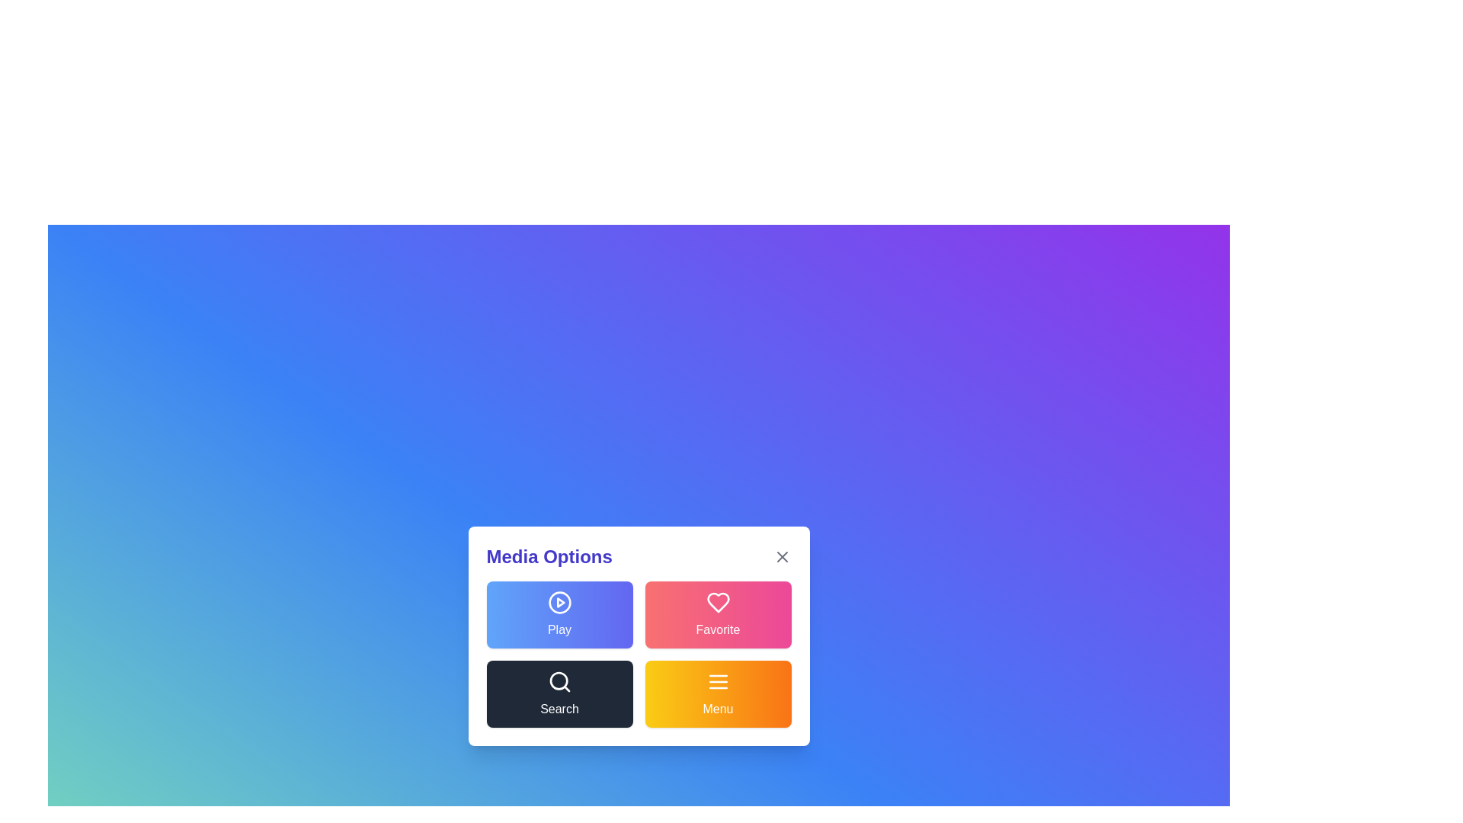  I want to click on the 'Favorite' button, which has a gradient red to pink background and displays a white heart icon and the word 'Favorite' in white text, so click(717, 613).